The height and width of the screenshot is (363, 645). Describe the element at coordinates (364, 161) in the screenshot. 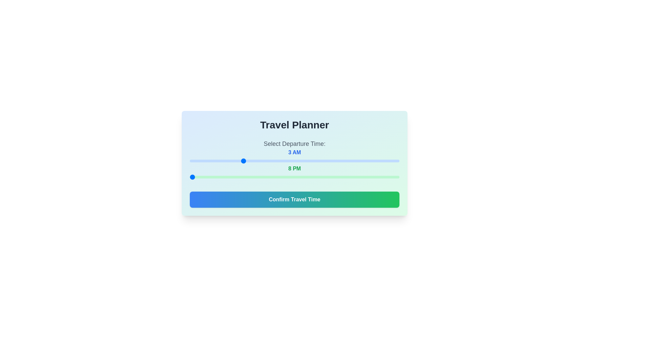

I see `departure time` at that location.